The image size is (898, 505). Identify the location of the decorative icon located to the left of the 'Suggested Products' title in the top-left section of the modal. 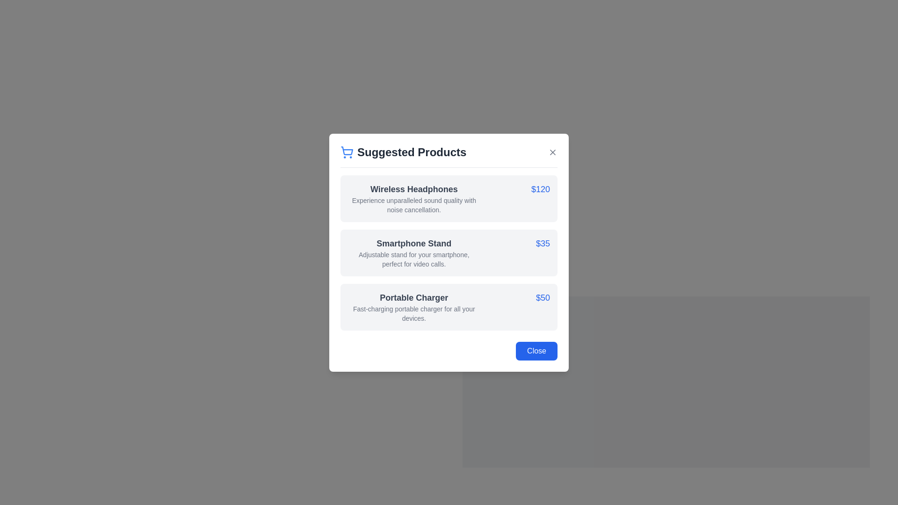
(347, 151).